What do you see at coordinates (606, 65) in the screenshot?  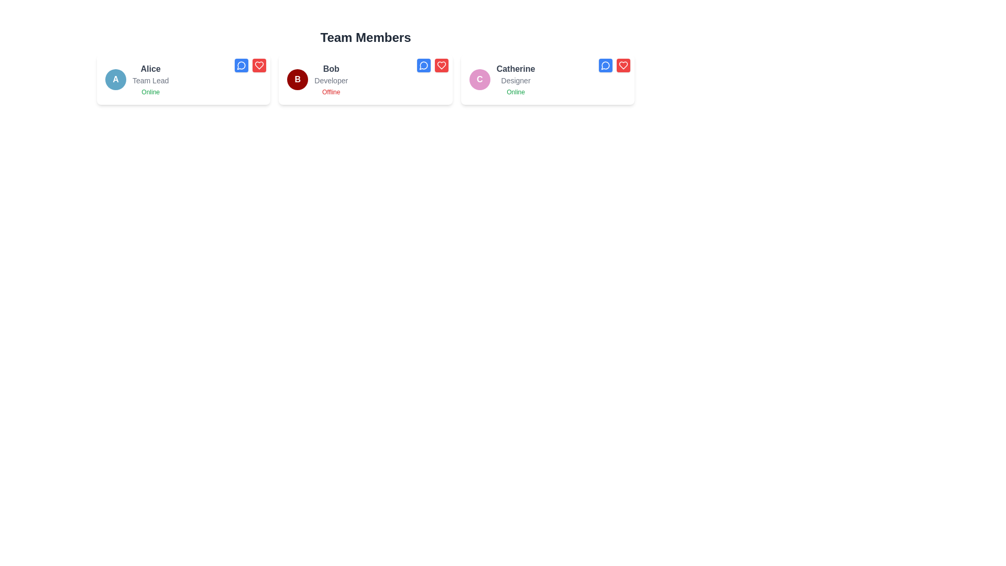 I see `the circular blue button with a white chat bubble icon located in the top-right corner of the card displaying user Catherine's information to initiate a chat` at bounding box center [606, 65].